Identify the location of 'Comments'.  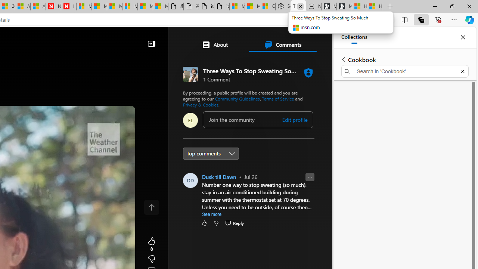
(282, 44).